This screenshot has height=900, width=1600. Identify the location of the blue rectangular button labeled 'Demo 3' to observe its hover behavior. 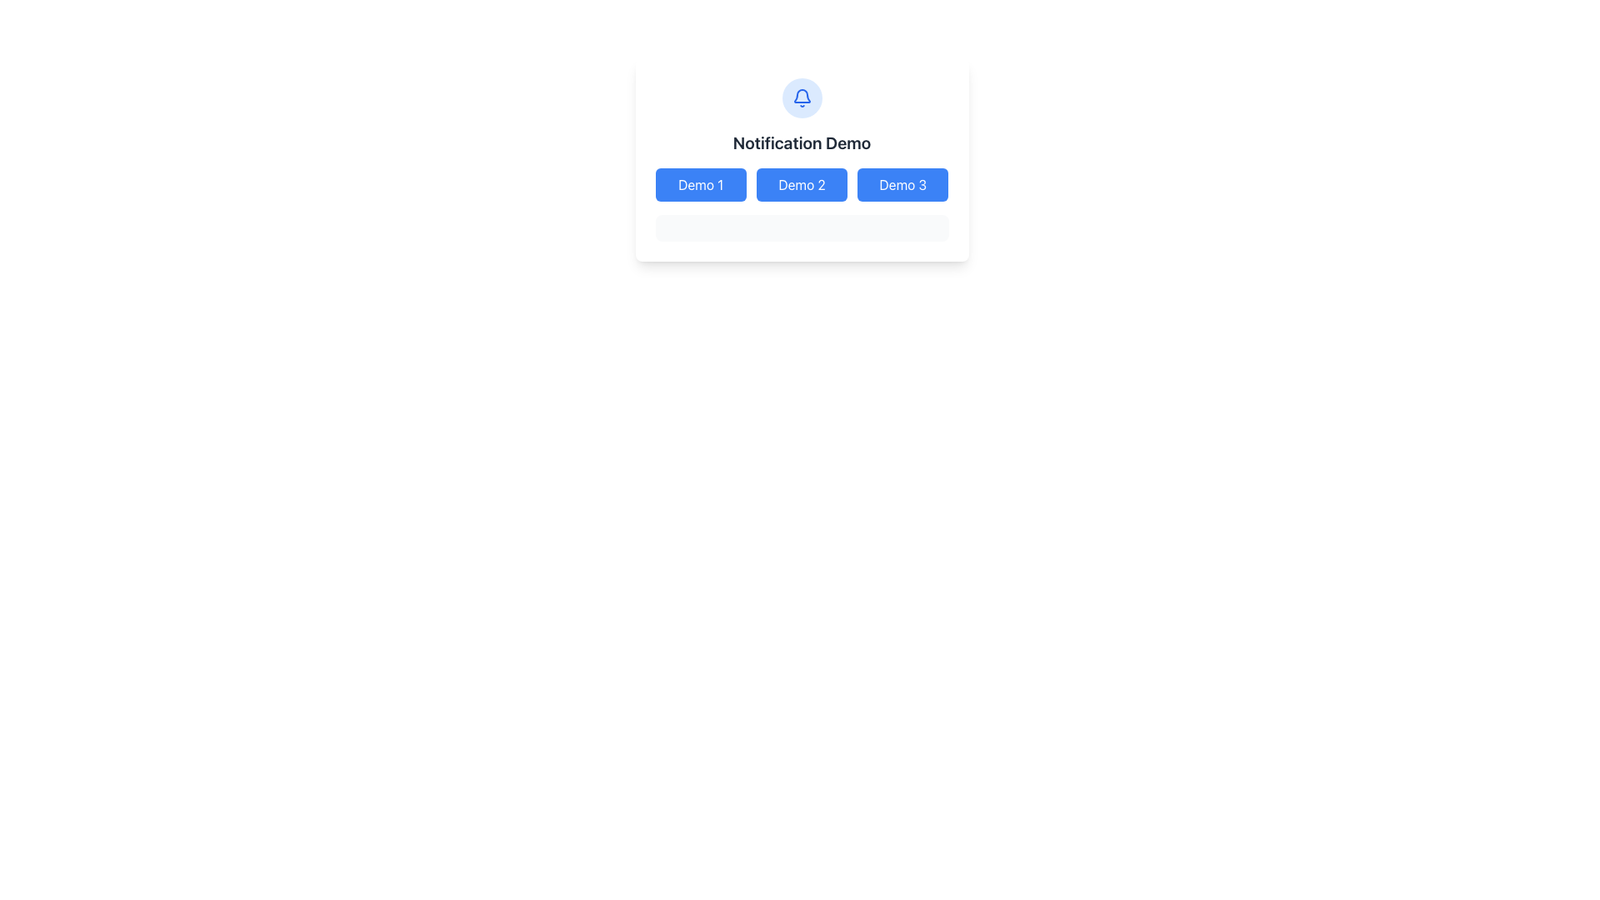
(902, 185).